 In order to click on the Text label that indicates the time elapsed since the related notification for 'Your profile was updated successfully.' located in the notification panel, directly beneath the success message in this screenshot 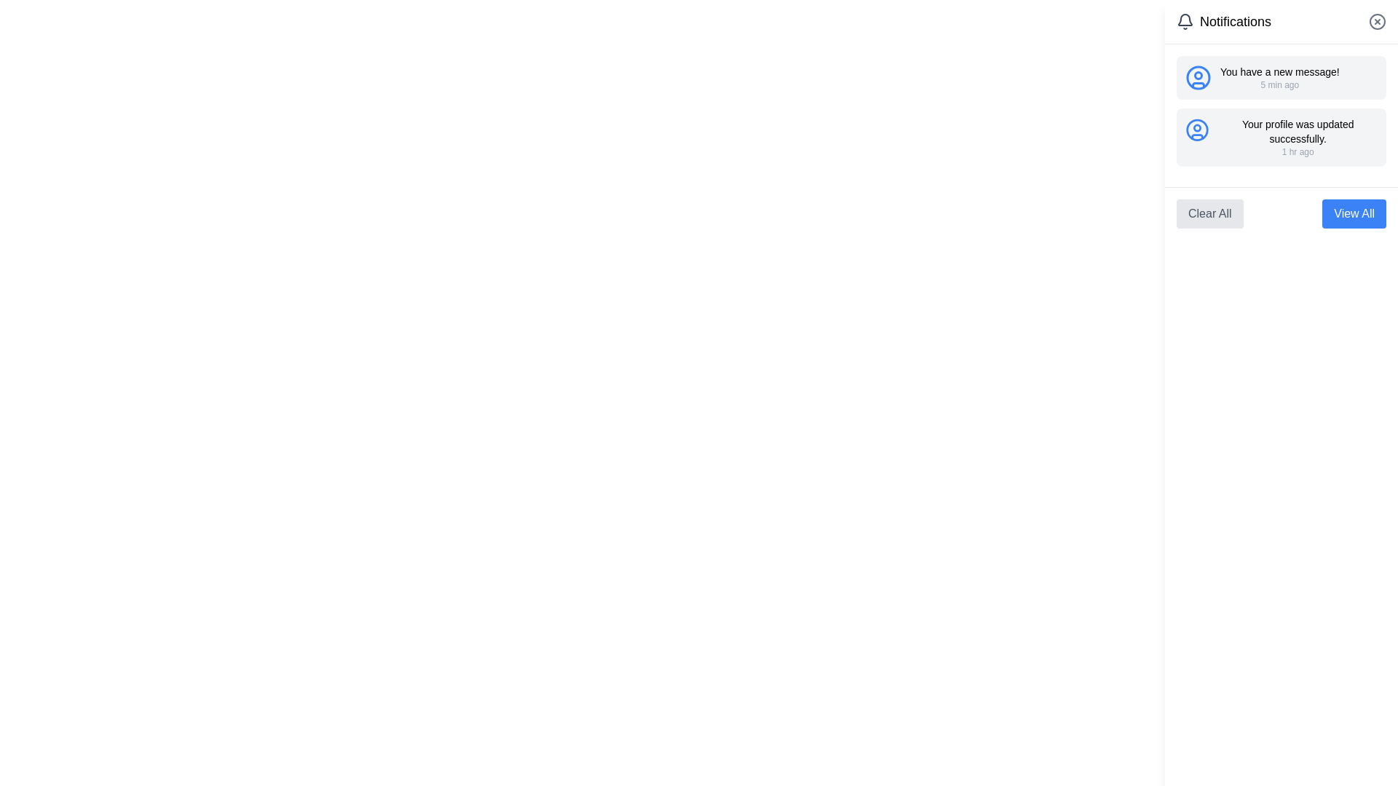, I will do `click(1298, 151)`.